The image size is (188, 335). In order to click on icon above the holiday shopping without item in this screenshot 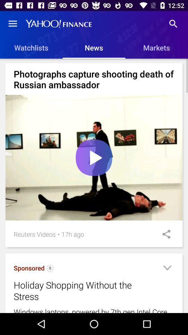, I will do `click(50, 269)`.